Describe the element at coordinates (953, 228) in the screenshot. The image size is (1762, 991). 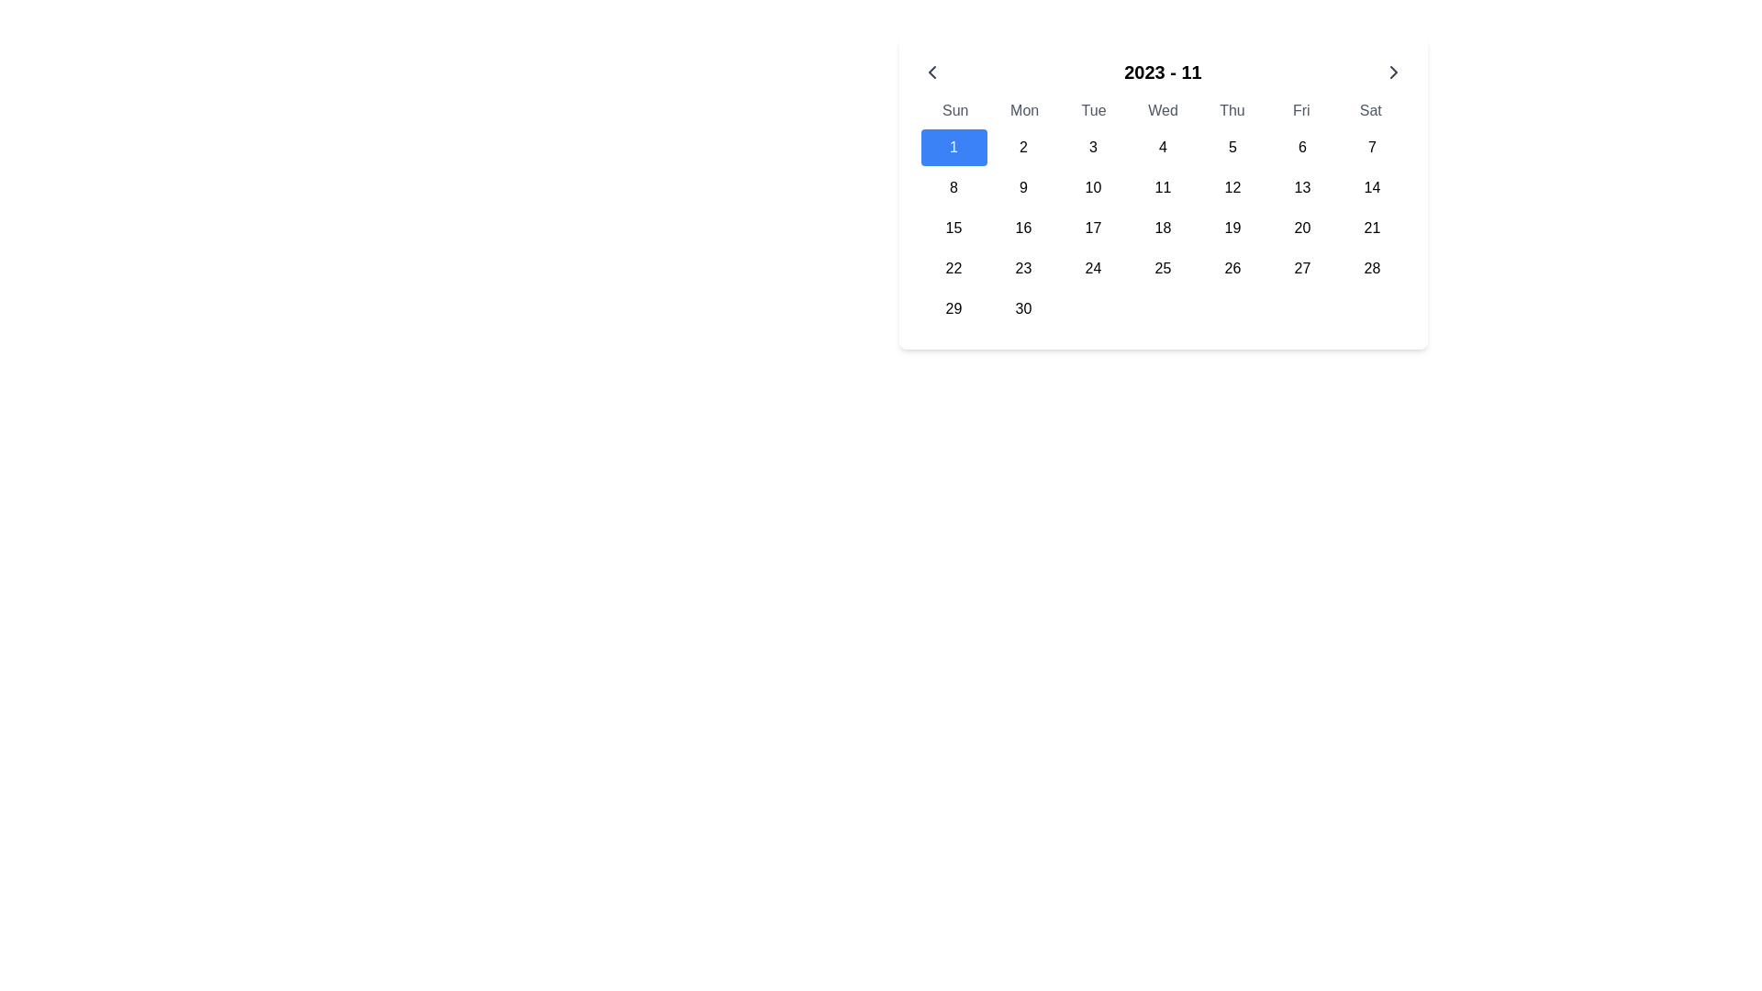
I see `the clickable calendar day element displaying the number '15' with a white background and black text to change its background color to gray` at that location.